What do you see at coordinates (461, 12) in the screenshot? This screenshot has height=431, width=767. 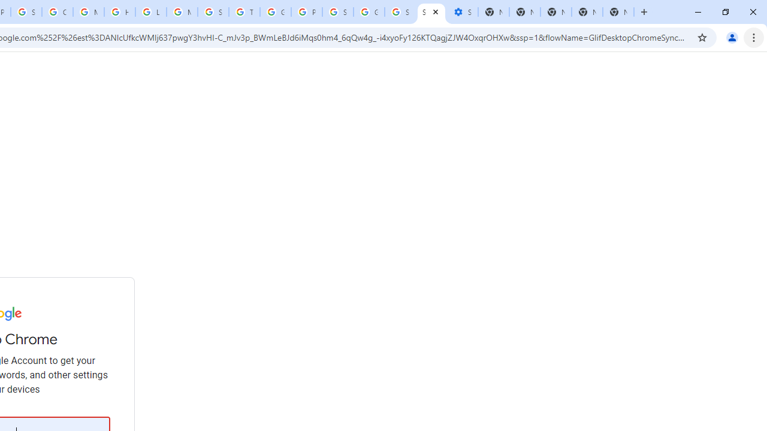 I see `'Settings - Performance'` at bounding box center [461, 12].